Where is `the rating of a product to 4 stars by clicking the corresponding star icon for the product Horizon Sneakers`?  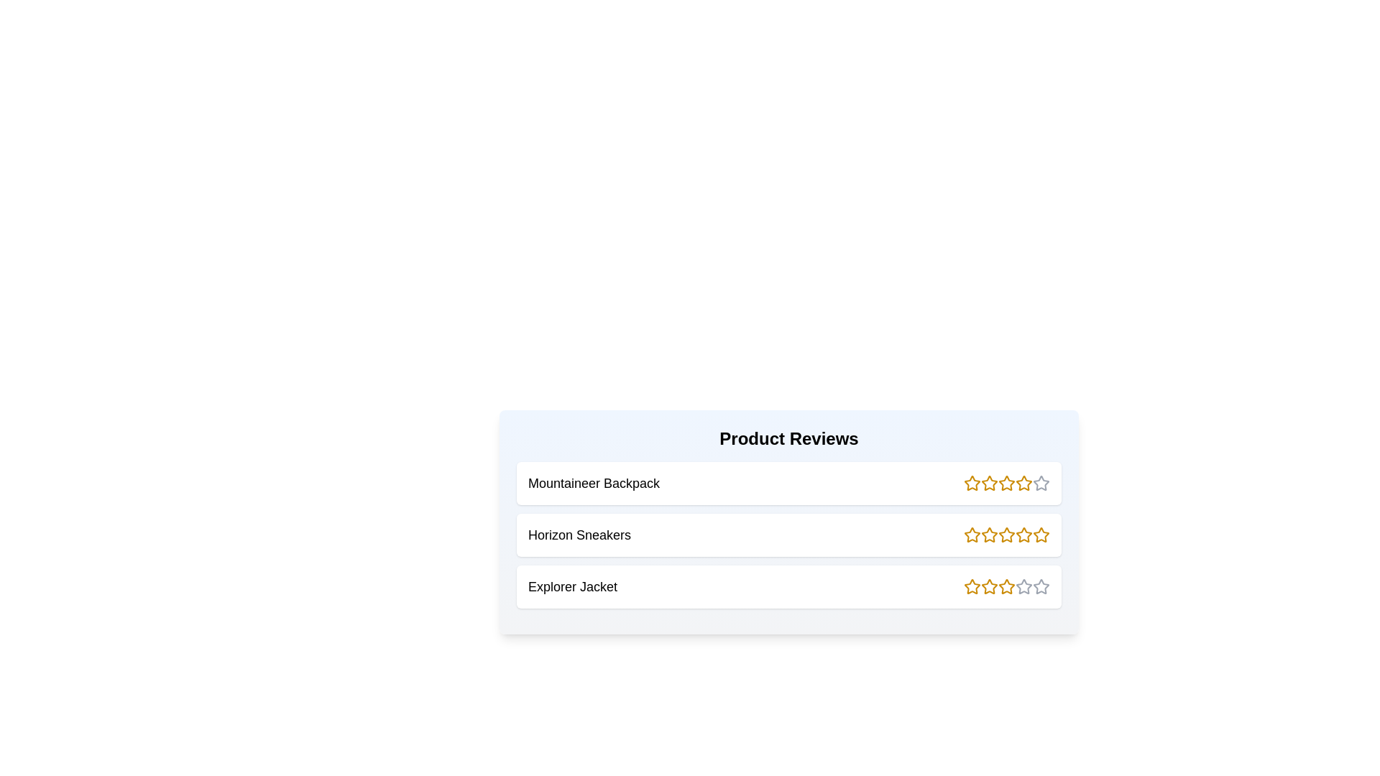
the rating of a product to 4 stars by clicking the corresponding star icon for the product Horizon Sneakers is located at coordinates (1023, 535).